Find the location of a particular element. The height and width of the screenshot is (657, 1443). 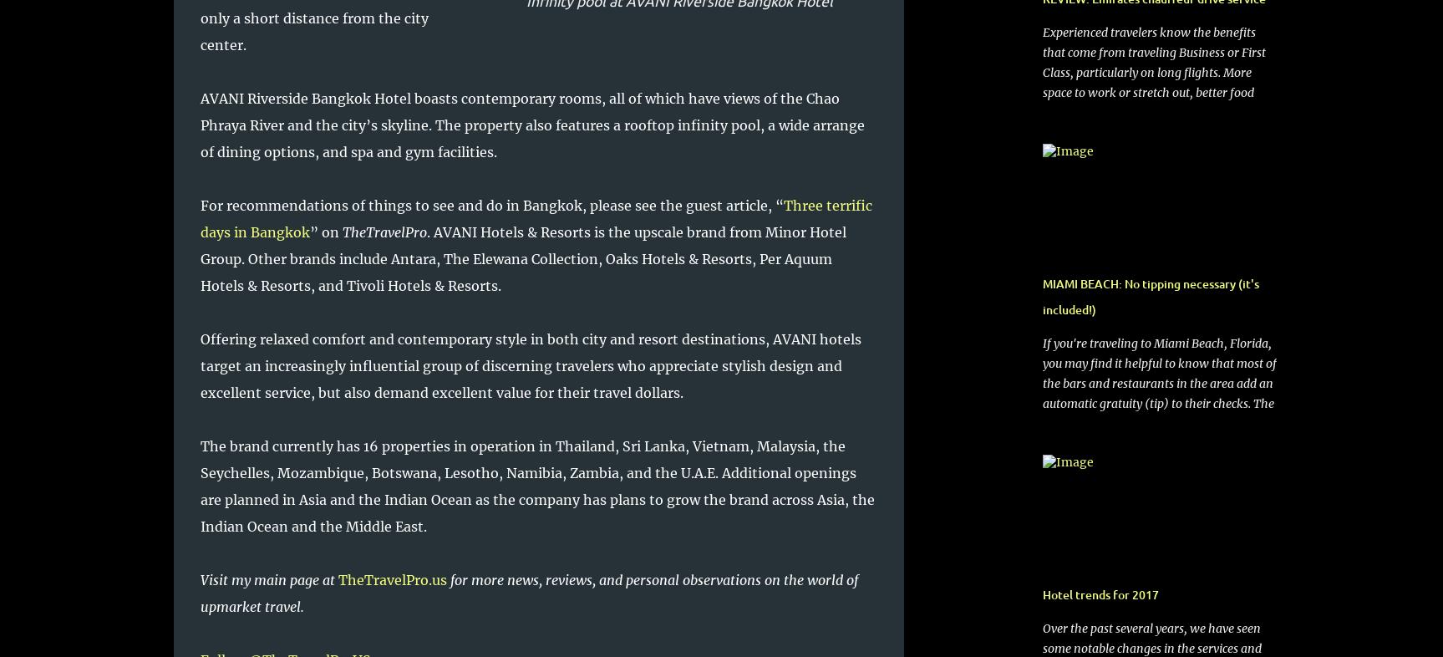

'TheTravelPro.us' is located at coordinates (337, 580).